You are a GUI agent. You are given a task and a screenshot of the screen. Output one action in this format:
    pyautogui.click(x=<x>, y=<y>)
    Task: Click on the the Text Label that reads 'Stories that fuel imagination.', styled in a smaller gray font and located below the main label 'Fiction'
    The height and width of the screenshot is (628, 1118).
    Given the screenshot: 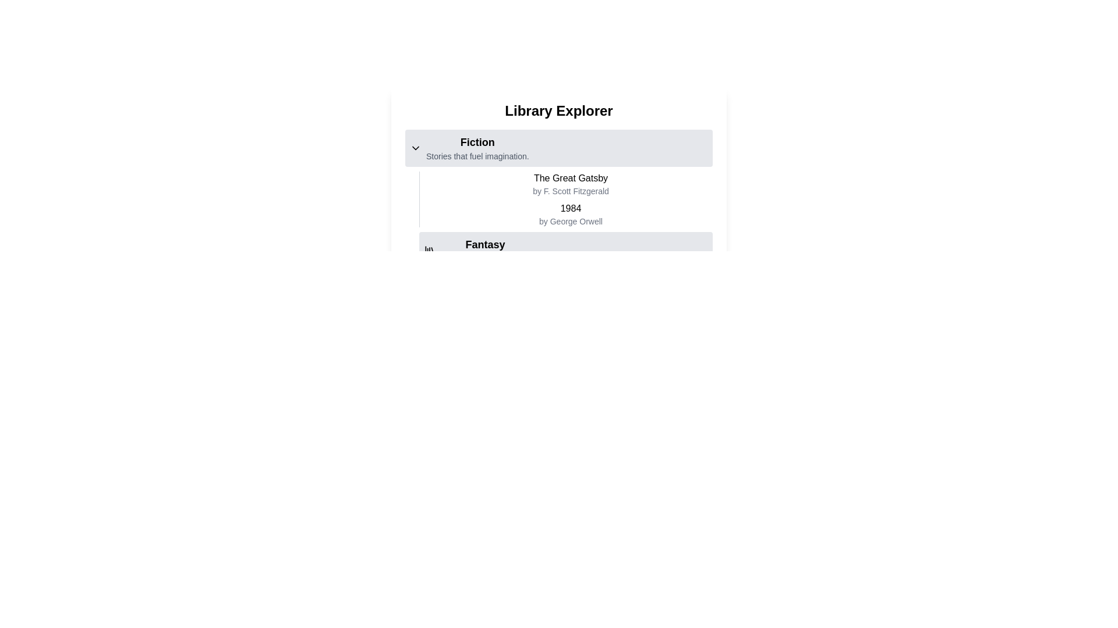 What is the action you would take?
    pyautogui.click(x=477, y=156)
    